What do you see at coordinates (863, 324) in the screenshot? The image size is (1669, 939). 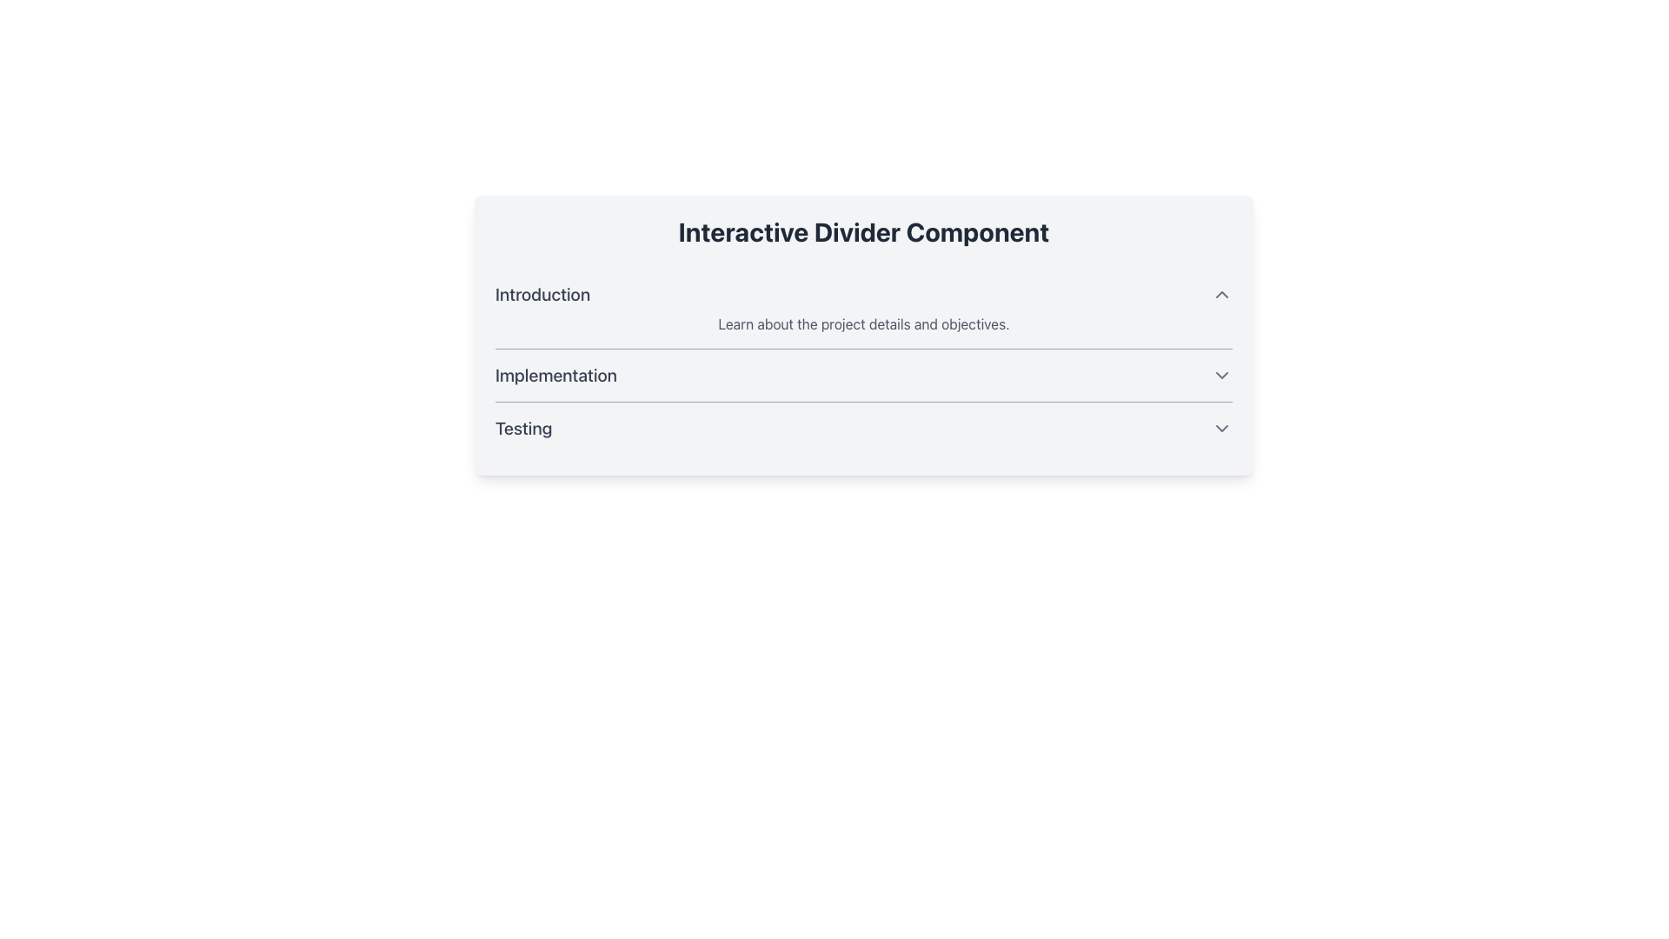 I see `the text label element that reads 'Learn about the project details and objectives.' which is located directly below the 'Introduction' section header` at bounding box center [863, 324].